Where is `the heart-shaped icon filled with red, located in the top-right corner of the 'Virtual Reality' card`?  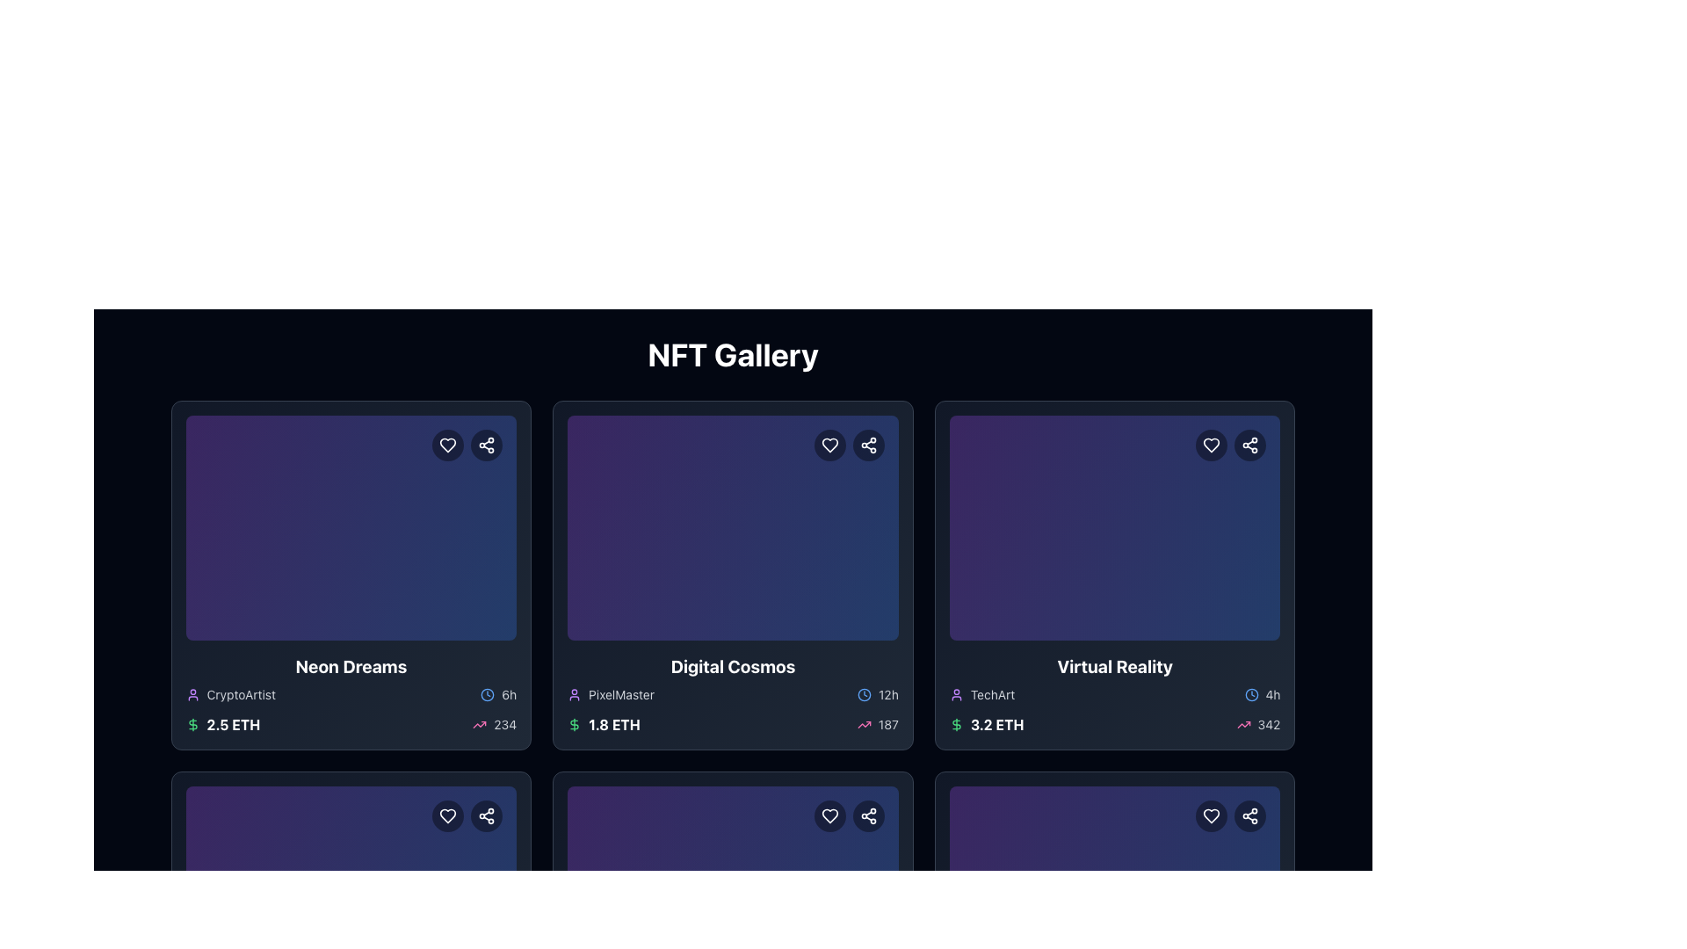
the heart-shaped icon filled with red, located in the top-right corner of the 'Virtual Reality' card is located at coordinates (1211, 444).